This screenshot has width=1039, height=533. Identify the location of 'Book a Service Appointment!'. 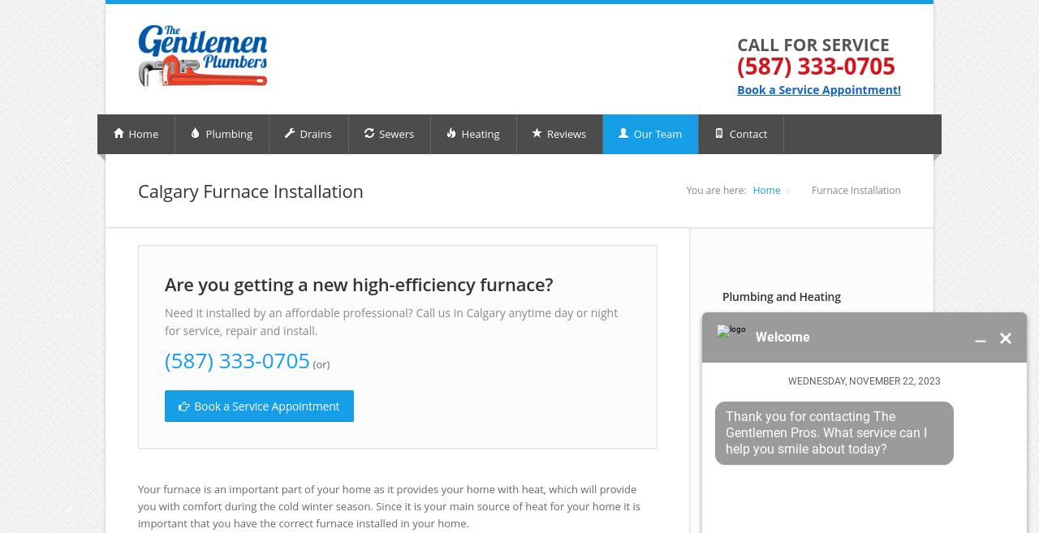
(819, 88).